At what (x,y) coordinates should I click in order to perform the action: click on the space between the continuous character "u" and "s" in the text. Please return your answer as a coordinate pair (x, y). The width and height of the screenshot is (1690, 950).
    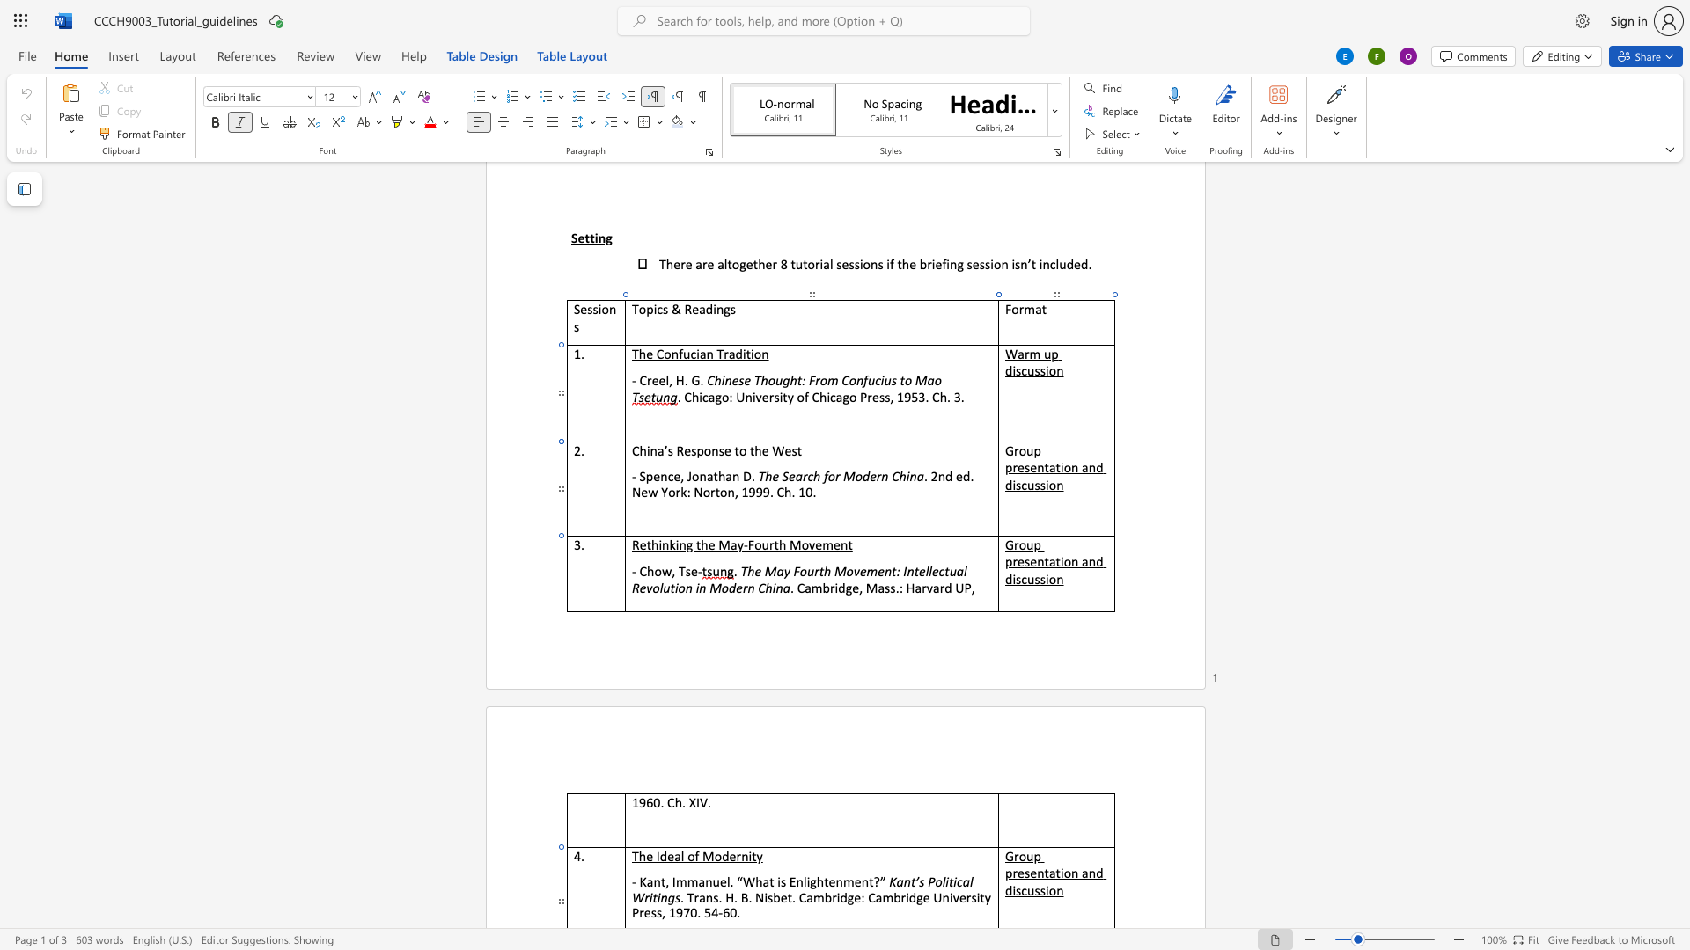
    Looking at the image, I should click on (1034, 579).